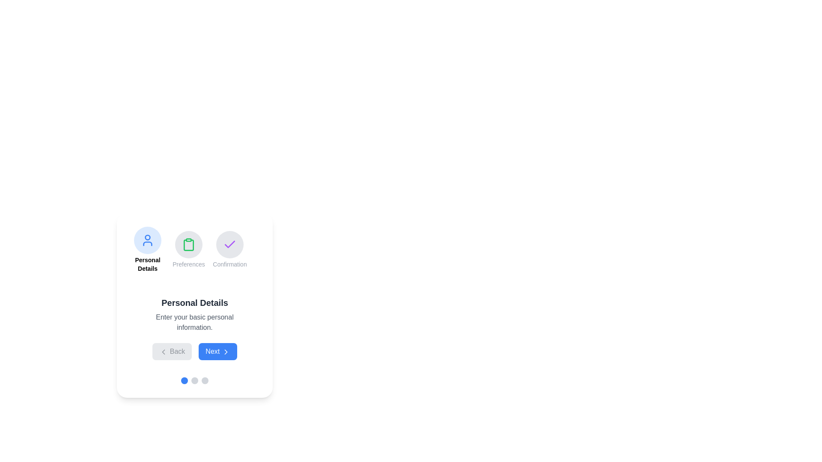 This screenshot has height=462, width=822. Describe the element at coordinates (188, 244) in the screenshot. I see `the second step navigation icon, which is centered in a circular gray background` at that location.